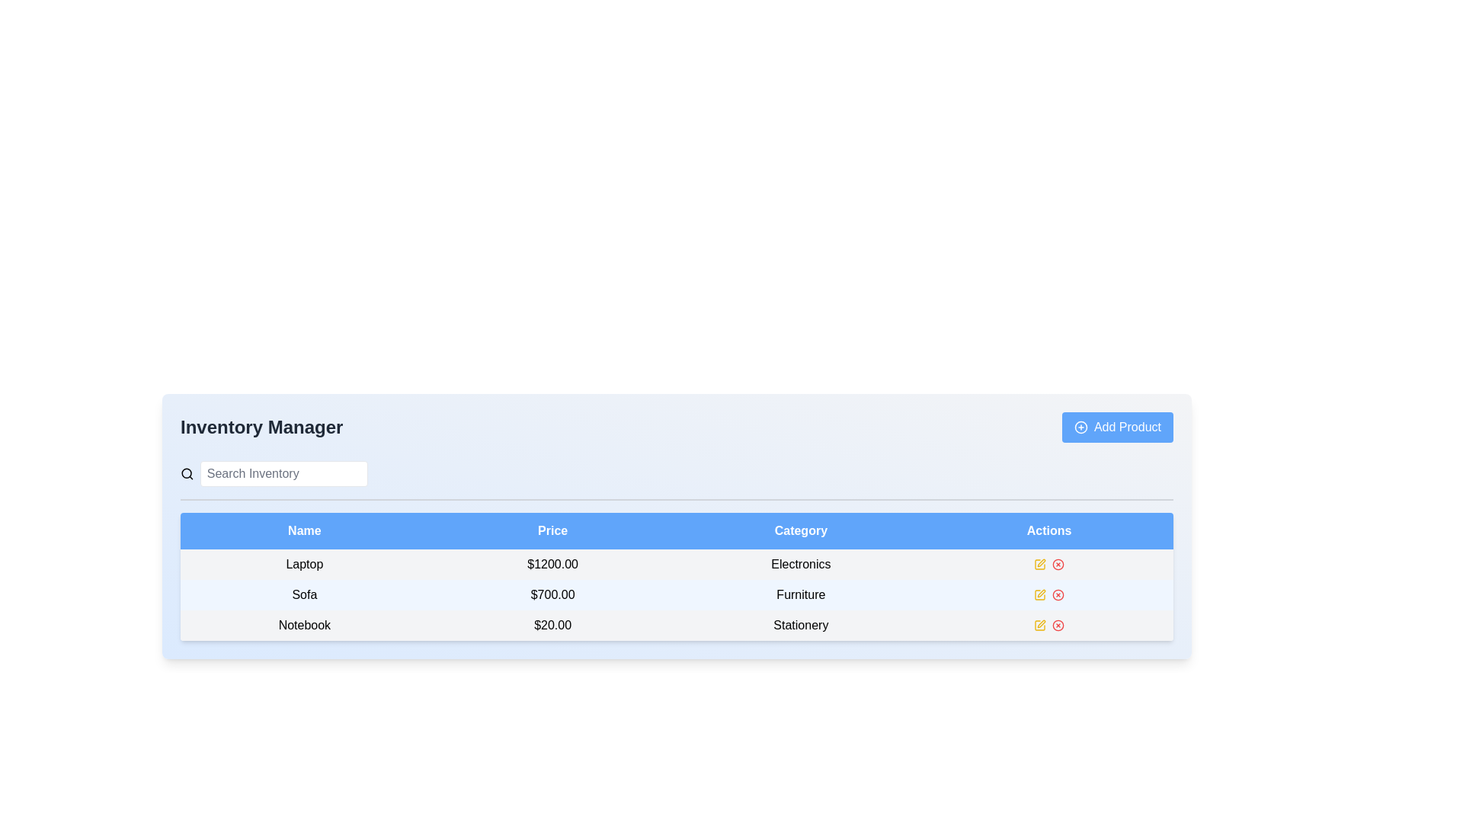  Describe the element at coordinates (676, 594) in the screenshot. I see `the second row of the inventory table that displays item details, specifically located below 'Laptop' and above 'Notebook'` at that location.